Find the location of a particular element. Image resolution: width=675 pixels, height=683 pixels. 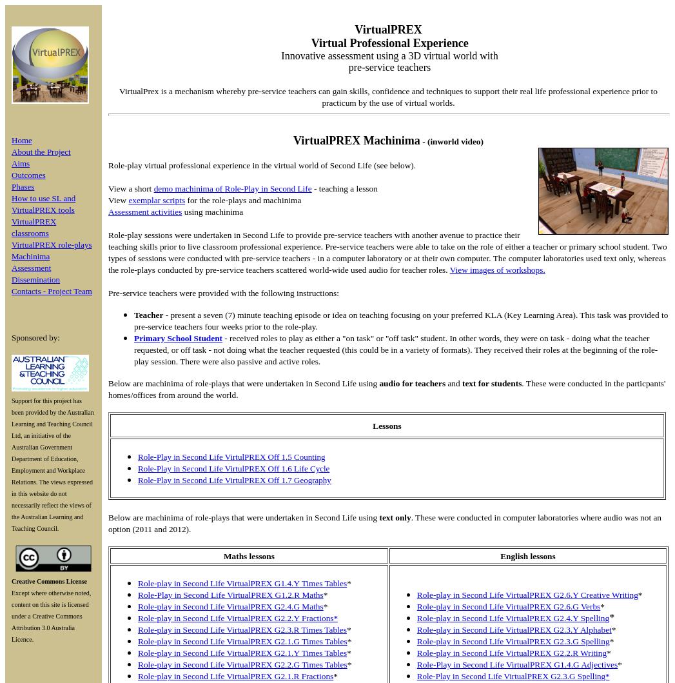

'VirtualPREX' is located at coordinates (387, 29).